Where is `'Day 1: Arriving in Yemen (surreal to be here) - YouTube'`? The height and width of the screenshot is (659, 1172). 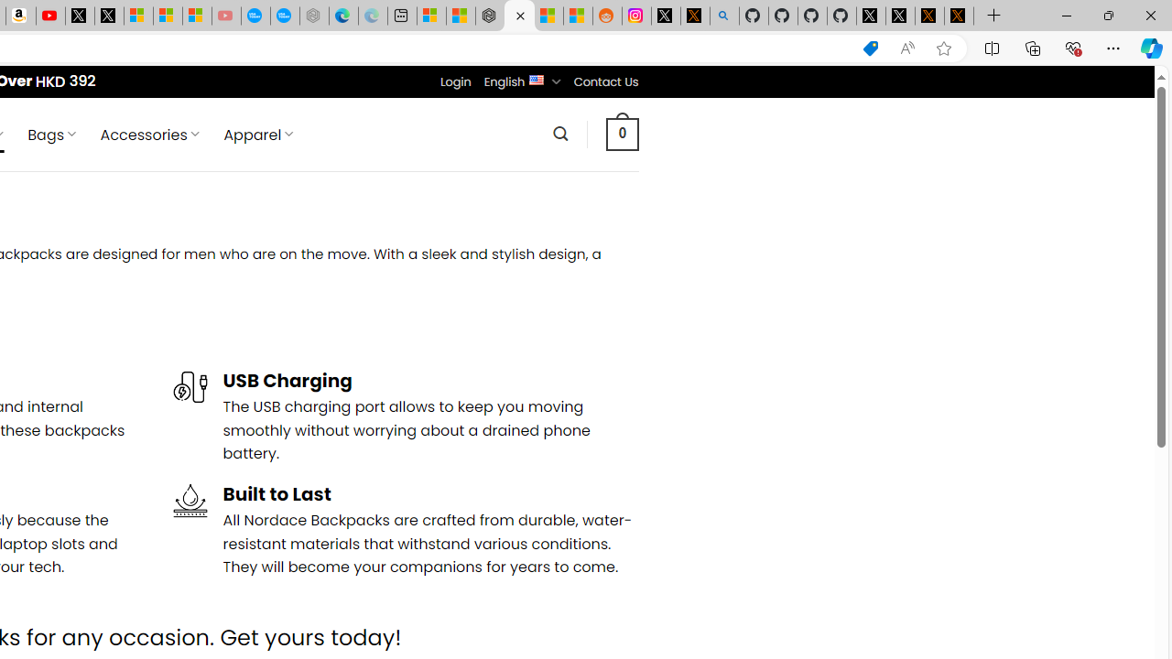
'Day 1: Arriving in Yemen (surreal to be here) - YouTube' is located at coordinates (50, 16).